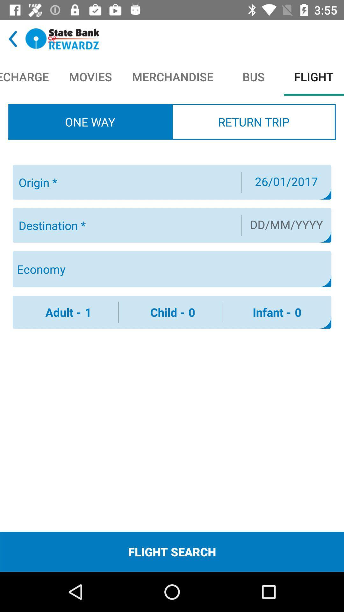 This screenshot has height=612, width=344. I want to click on origin textbox, so click(126, 182).